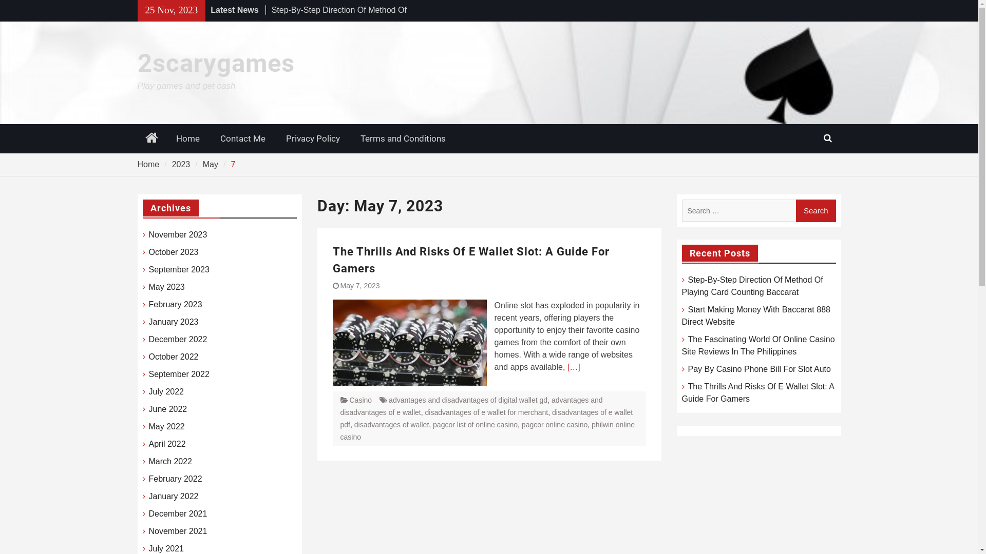 This screenshot has height=554, width=986. Describe the element at coordinates (475, 425) in the screenshot. I see `'pagcor list of online casino'` at that location.